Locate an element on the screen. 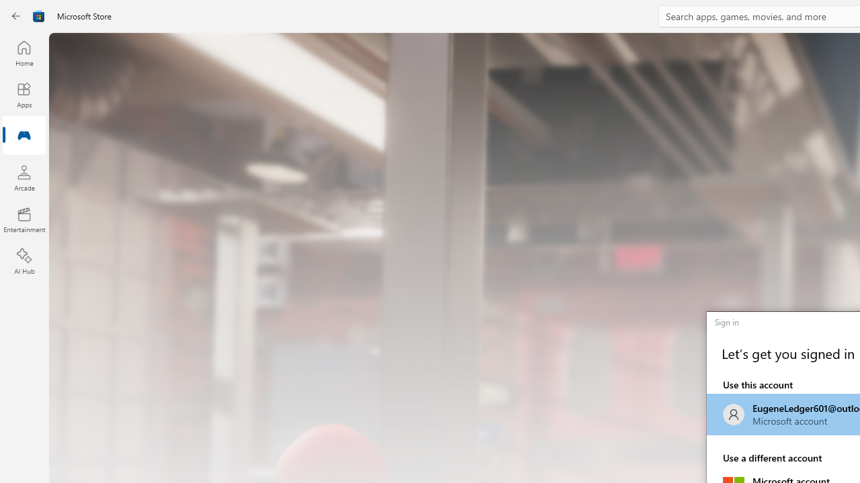 The width and height of the screenshot is (860, 483). 'Class: Image' is located at coordinates (39, 16).